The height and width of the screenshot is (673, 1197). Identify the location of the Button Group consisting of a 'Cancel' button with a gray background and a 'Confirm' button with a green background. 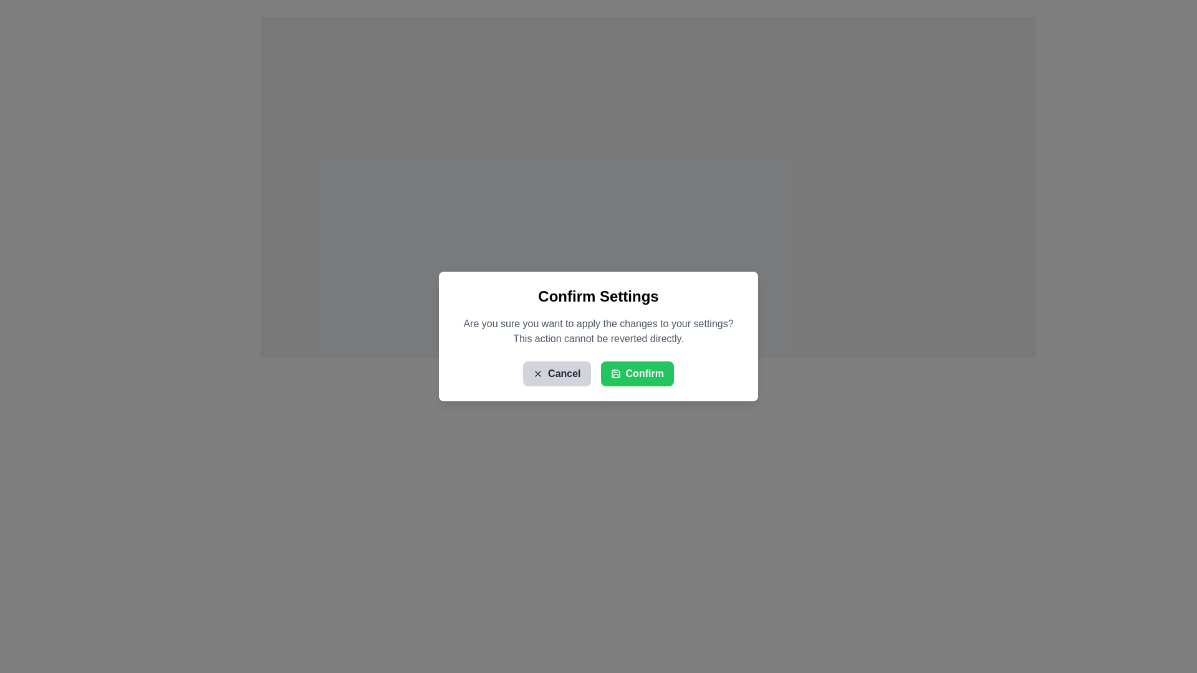
(598, 373).